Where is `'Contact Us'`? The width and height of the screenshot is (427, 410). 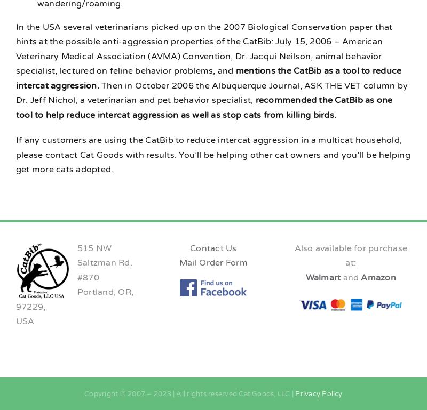
'Contact Us' is located at coordinates (212, 248).